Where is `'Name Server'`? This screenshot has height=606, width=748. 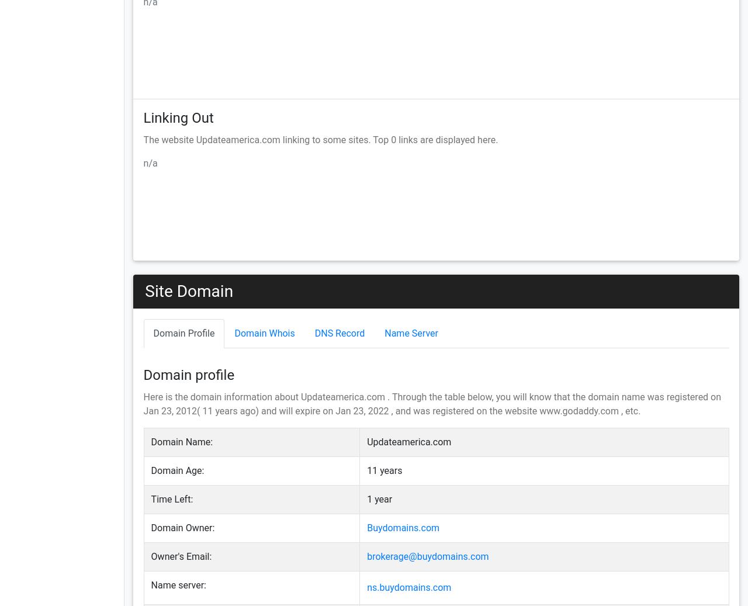 'Name Server' is located at coordinates (411, 333).